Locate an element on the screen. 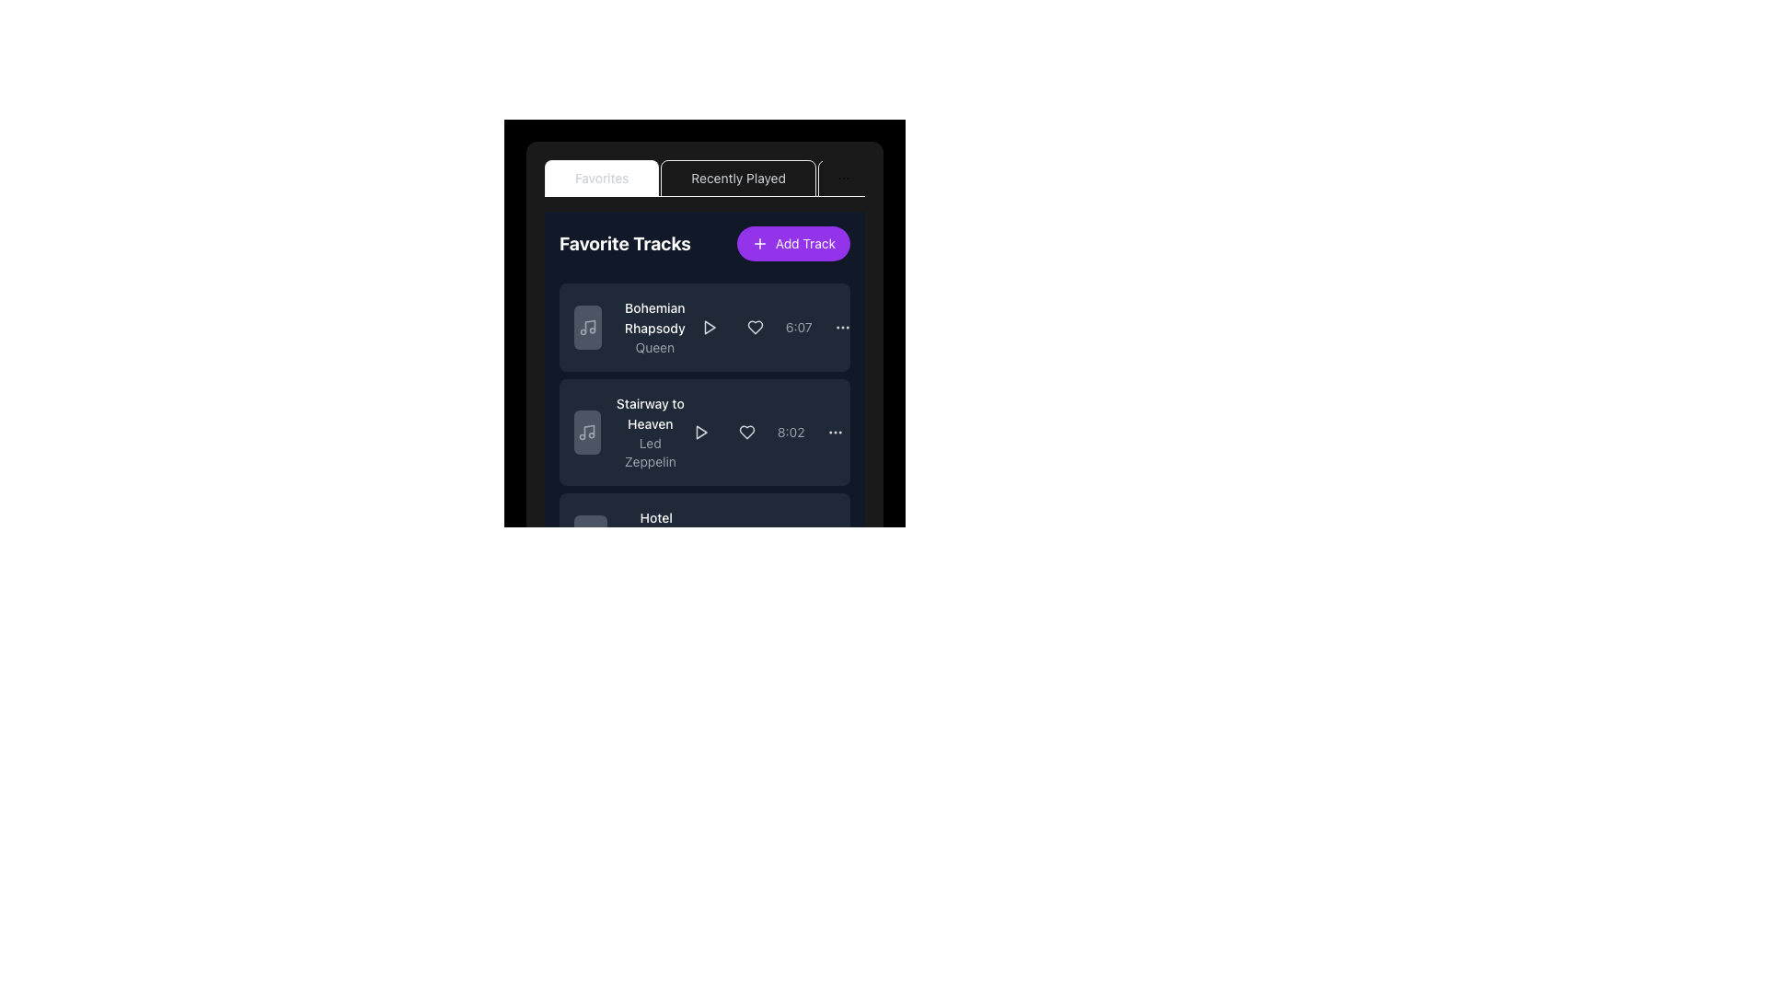  the 'Favorites' tab, which is styled with light gray color and is the first tab in the tab bar is located at coordinates (602, 178).